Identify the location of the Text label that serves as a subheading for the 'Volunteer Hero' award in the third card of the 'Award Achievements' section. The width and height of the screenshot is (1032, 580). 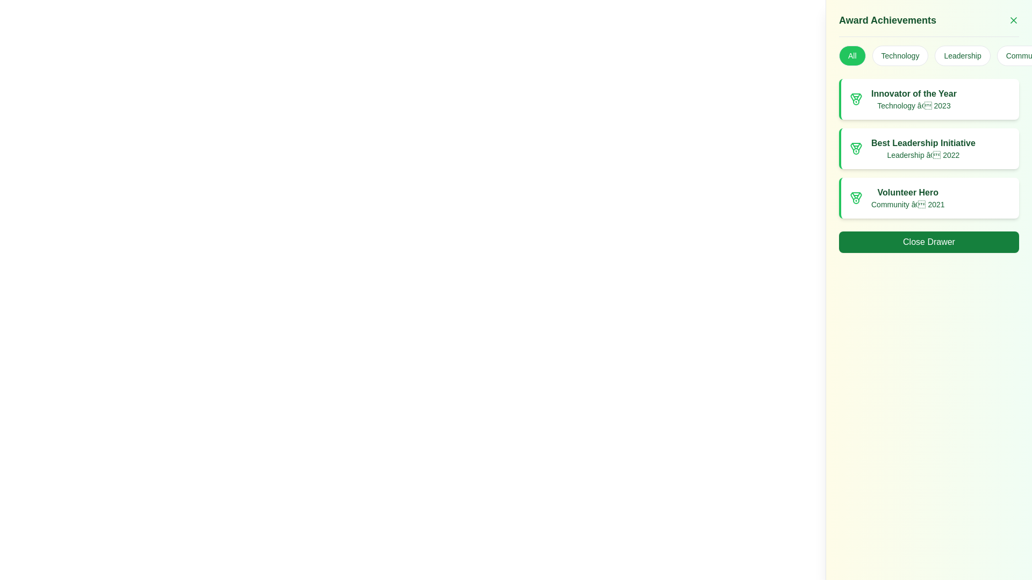
(907, 205).